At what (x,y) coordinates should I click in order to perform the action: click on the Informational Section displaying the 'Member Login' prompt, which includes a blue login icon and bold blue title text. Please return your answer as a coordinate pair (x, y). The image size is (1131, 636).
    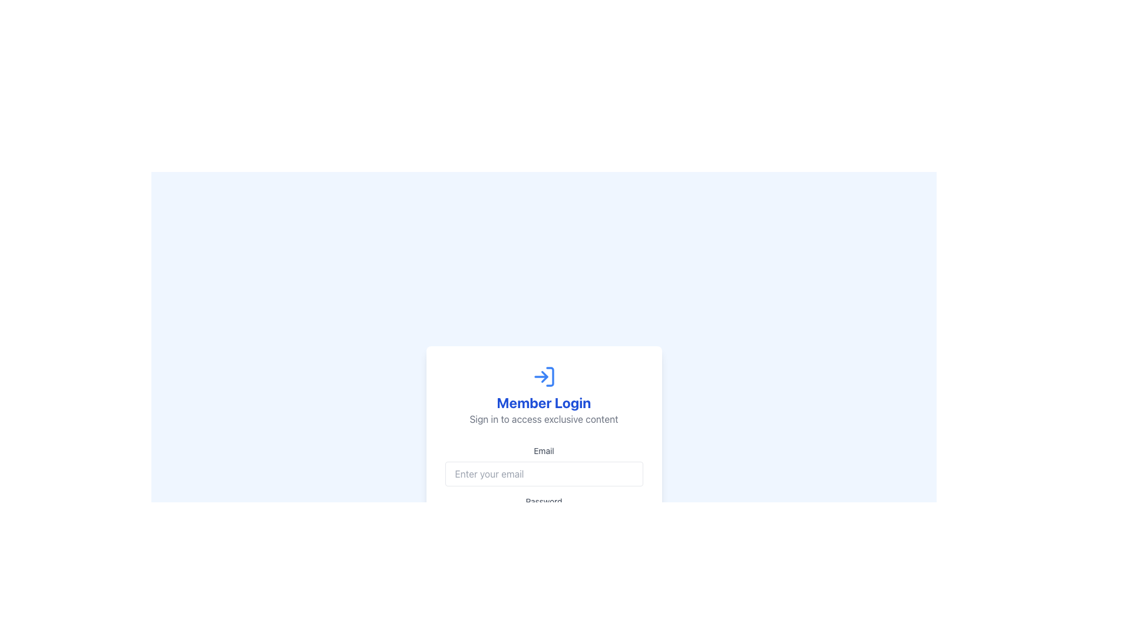
    Looking at the image, I should click on (543, 395).